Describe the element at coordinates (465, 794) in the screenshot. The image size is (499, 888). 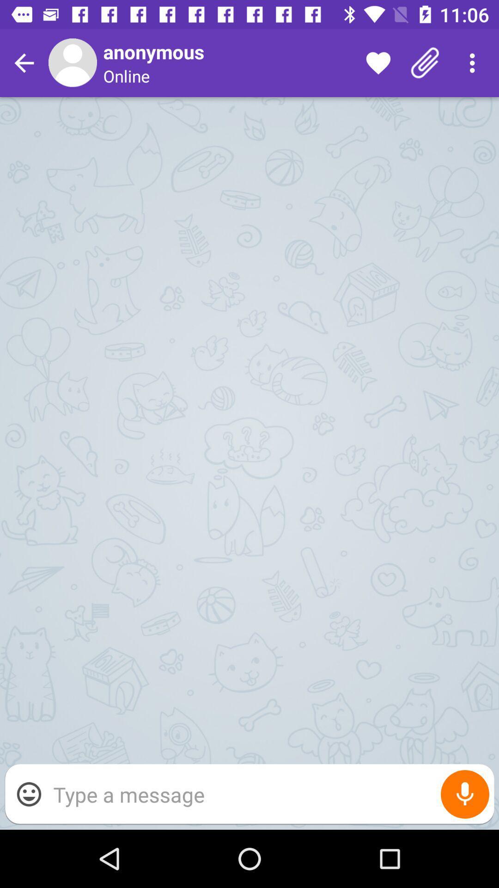
I see `record voice message` at that location.